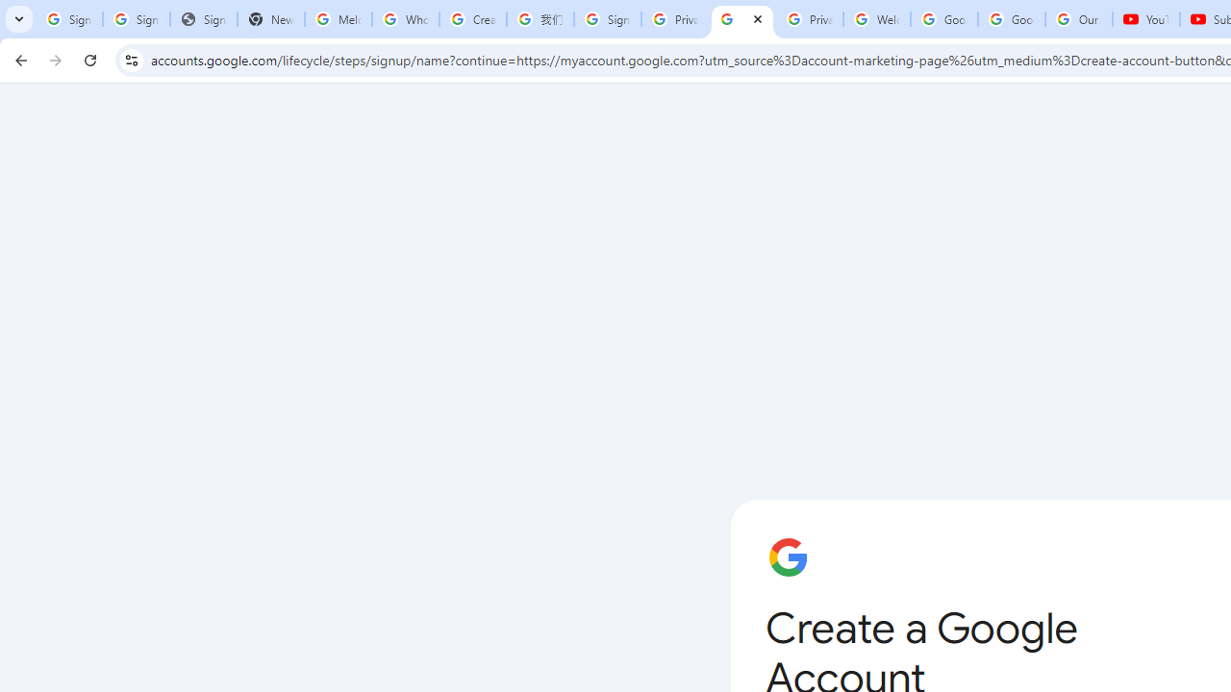 Image resolution: width=1231 pixels, height=692 pixels. What do you see at coordinates (473, 19) in the screenshot?
I see `'Create your Google Account'` at bounding box center [473, 19].